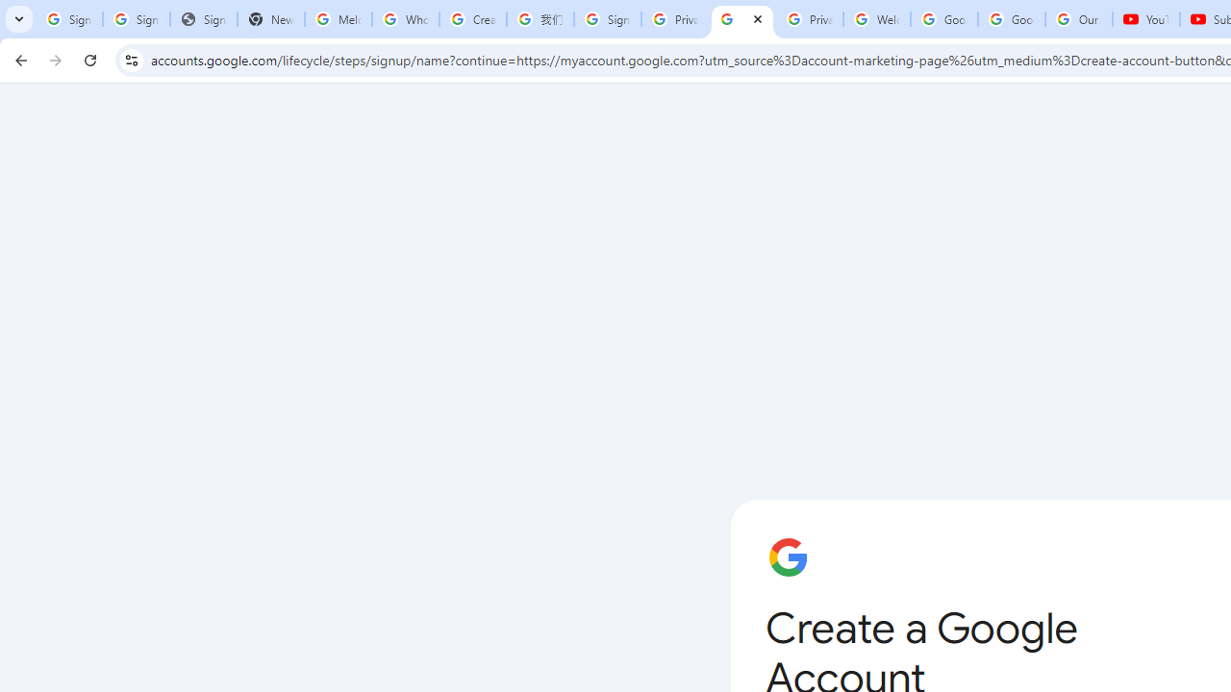 Image resolution: width=1231 pixels, height=692 pixels. What do you see at coordinates (473, 19) in the screenshot?
I see `'Create your Google Account'` at bounding box center [473, 19].